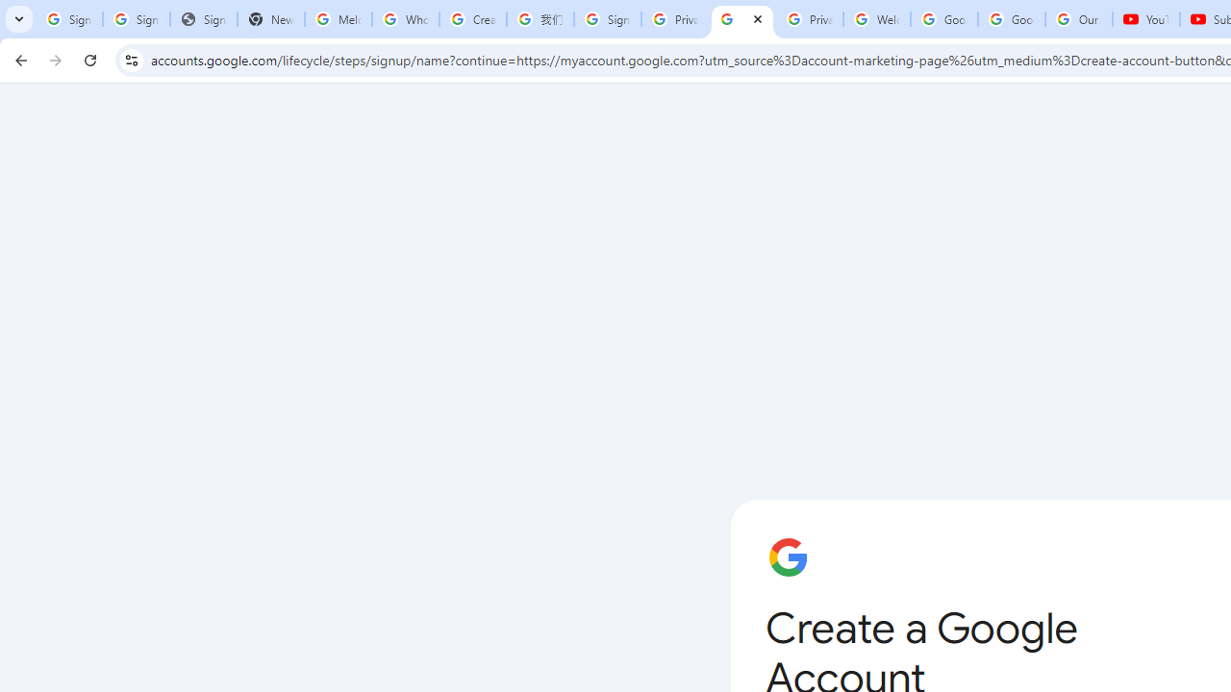 Image resolution: width=1231 pixels, height=692 pixels. What do you see at coordinates (473, 19) in the screenshot?
I see `'Create your Google Account'` at bounding box center [473, 19].